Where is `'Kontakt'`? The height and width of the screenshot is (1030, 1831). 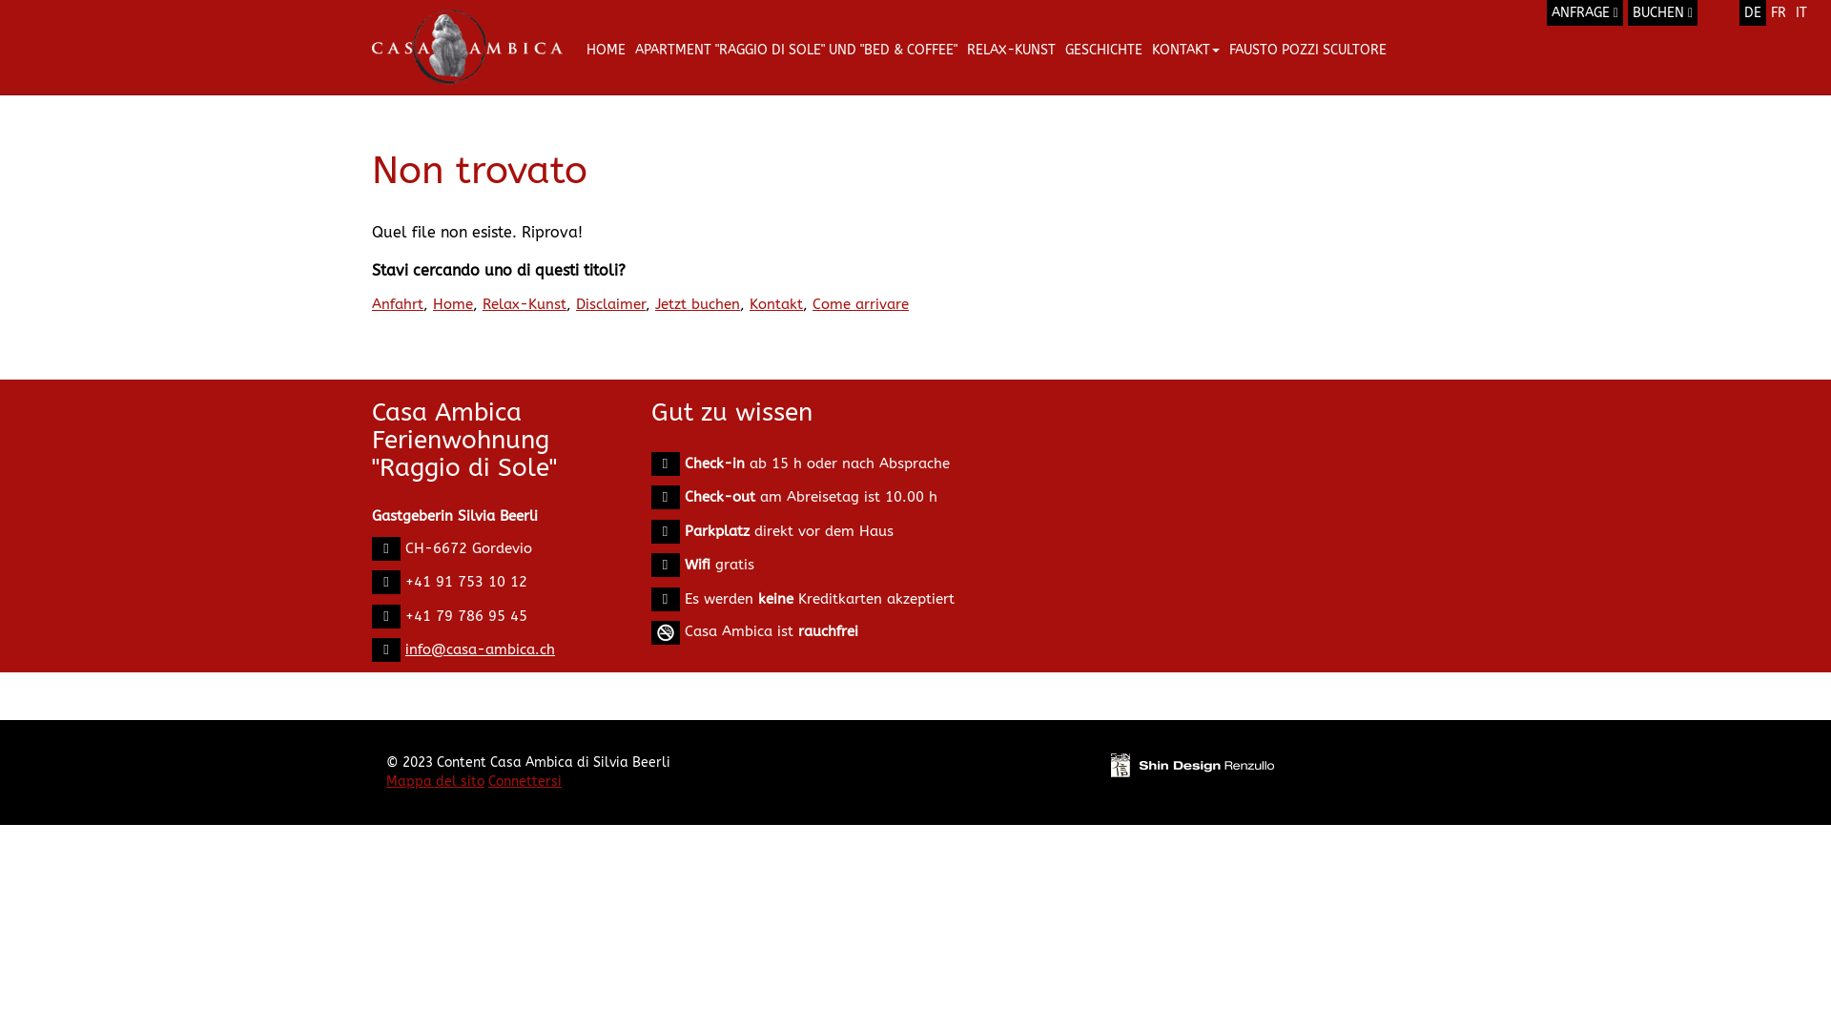 'Kontakt' is located at coordinates (749, 303).